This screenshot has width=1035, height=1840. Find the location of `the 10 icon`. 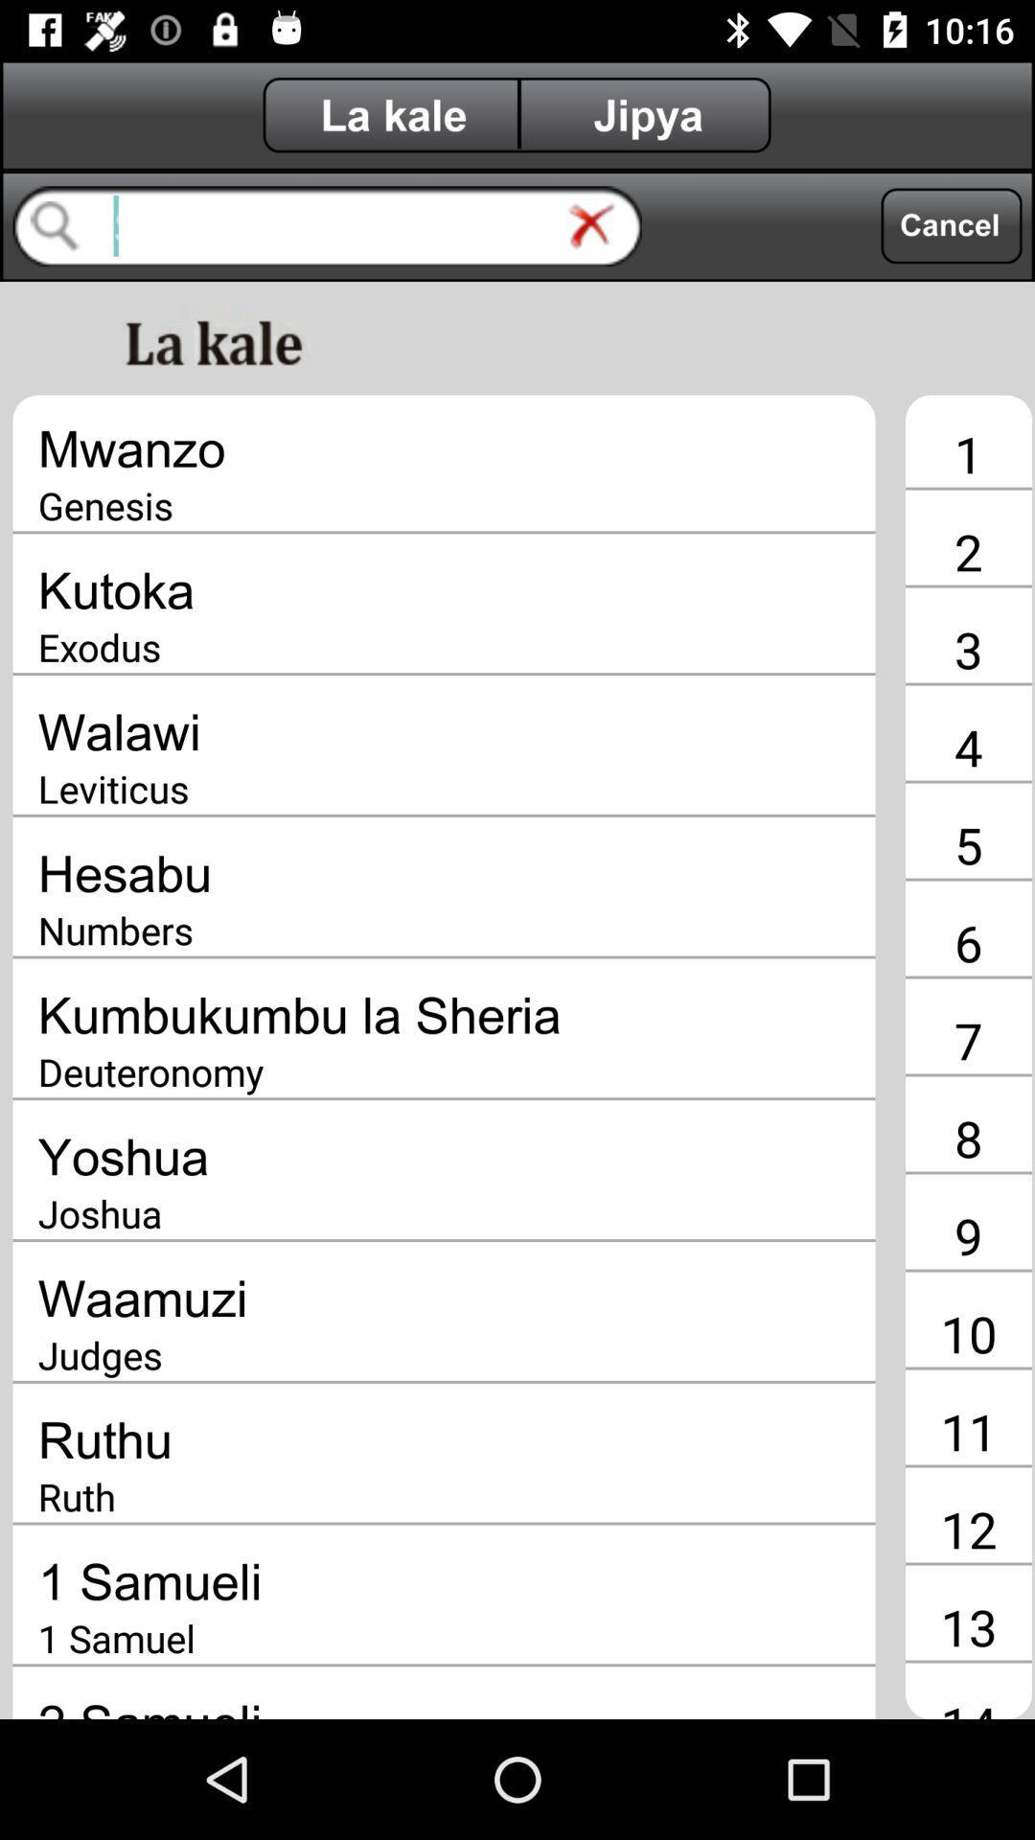

the 10 icon is located at coordinates (968, 1332).